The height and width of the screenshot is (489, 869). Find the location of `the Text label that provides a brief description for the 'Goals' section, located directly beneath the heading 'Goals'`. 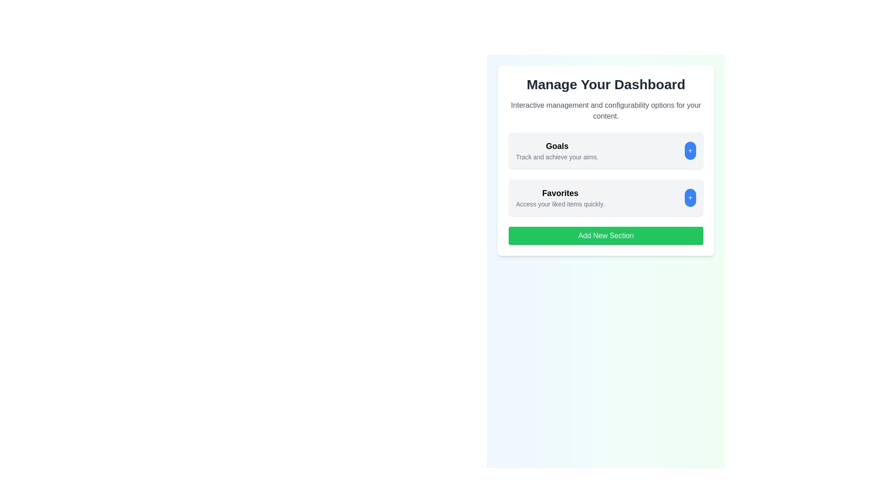

the Text label that provides a brief description for the 'Goals' section, located directly beneath the heading 'Goals' is located at coordinates (557, 157).